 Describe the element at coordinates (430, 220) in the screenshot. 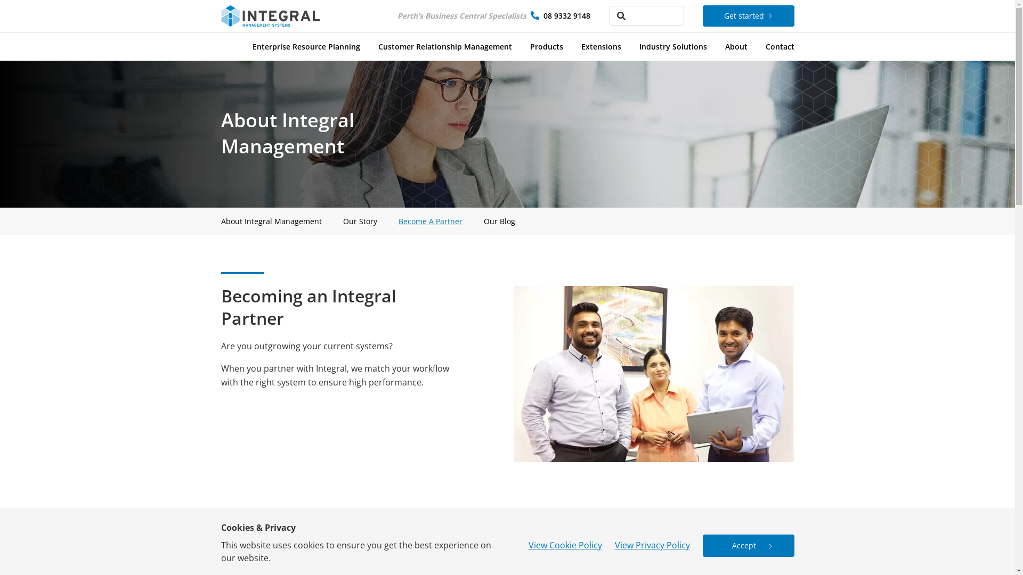

I see `'Become A Partner'` at that location.